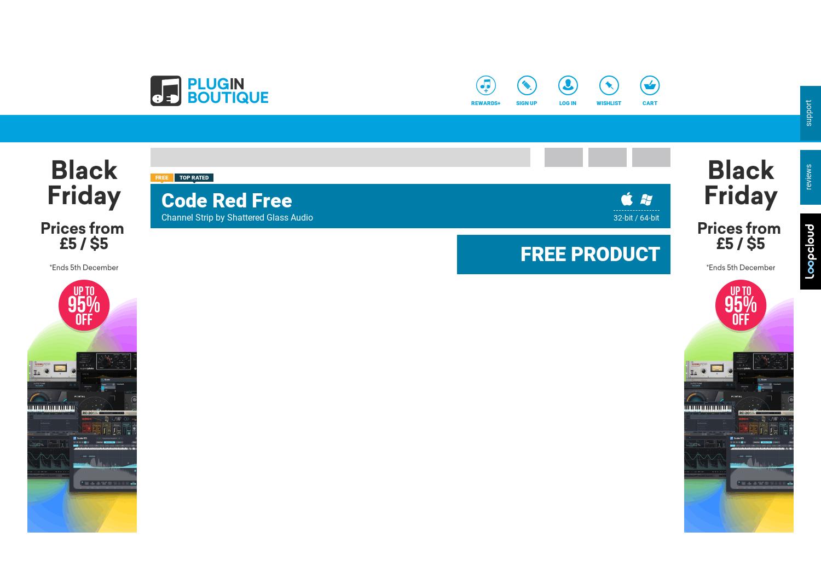 Image resolution: width=821 pixels, height=578 pixels. Describe the element at coordinates (187, 217) in the screenshot. I see `'Channel Strip'` at that location.